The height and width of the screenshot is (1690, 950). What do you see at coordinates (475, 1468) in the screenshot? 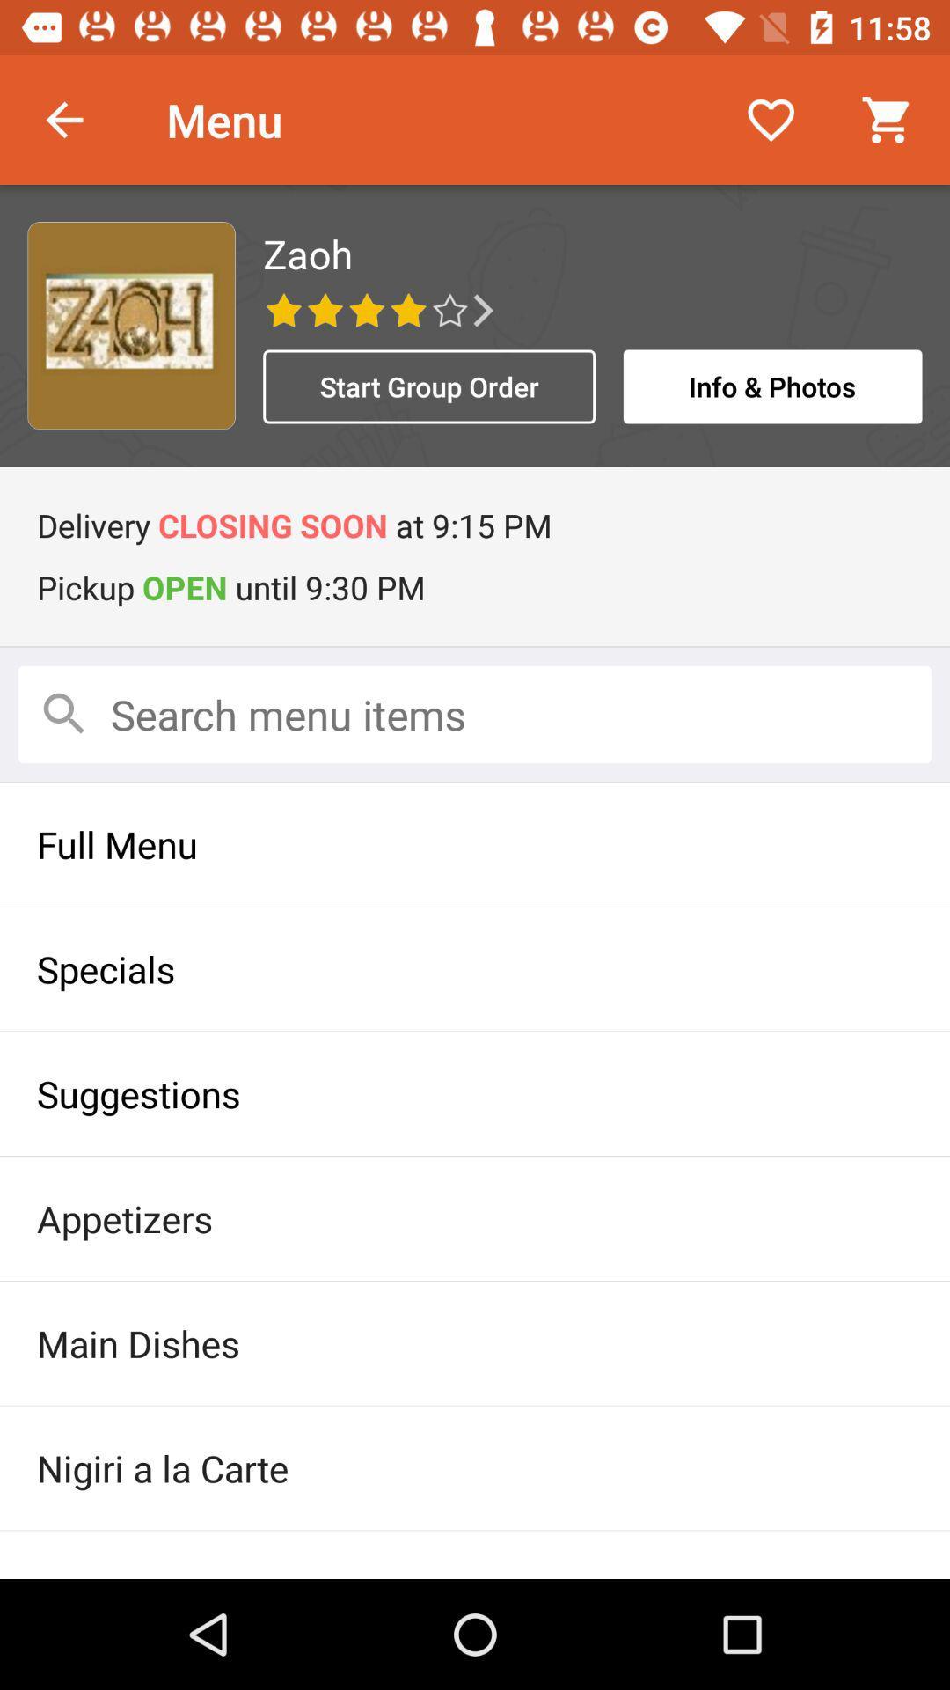
I see `nigiri a la item` at bounding box center [475, 1468].